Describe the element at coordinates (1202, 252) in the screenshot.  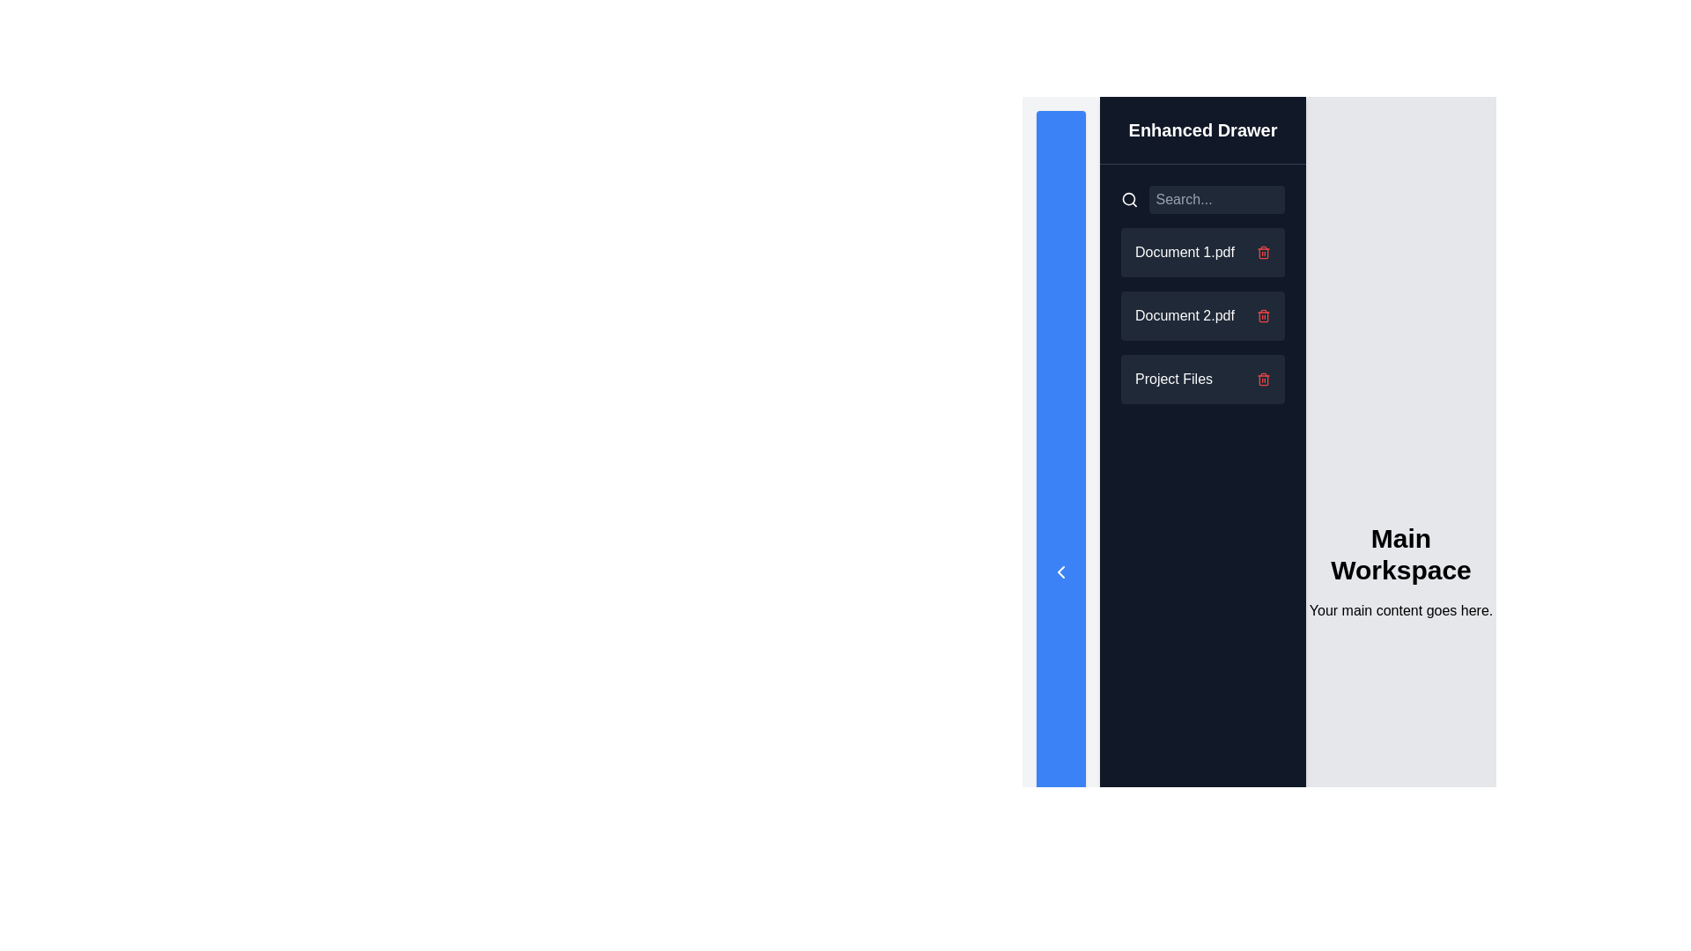
I see `the list item displaying the text 'Document 1.pdf'` at that location.